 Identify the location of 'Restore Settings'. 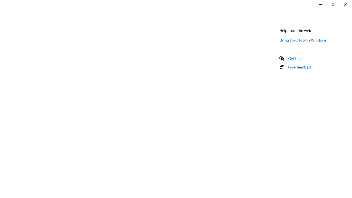
(332, 4).